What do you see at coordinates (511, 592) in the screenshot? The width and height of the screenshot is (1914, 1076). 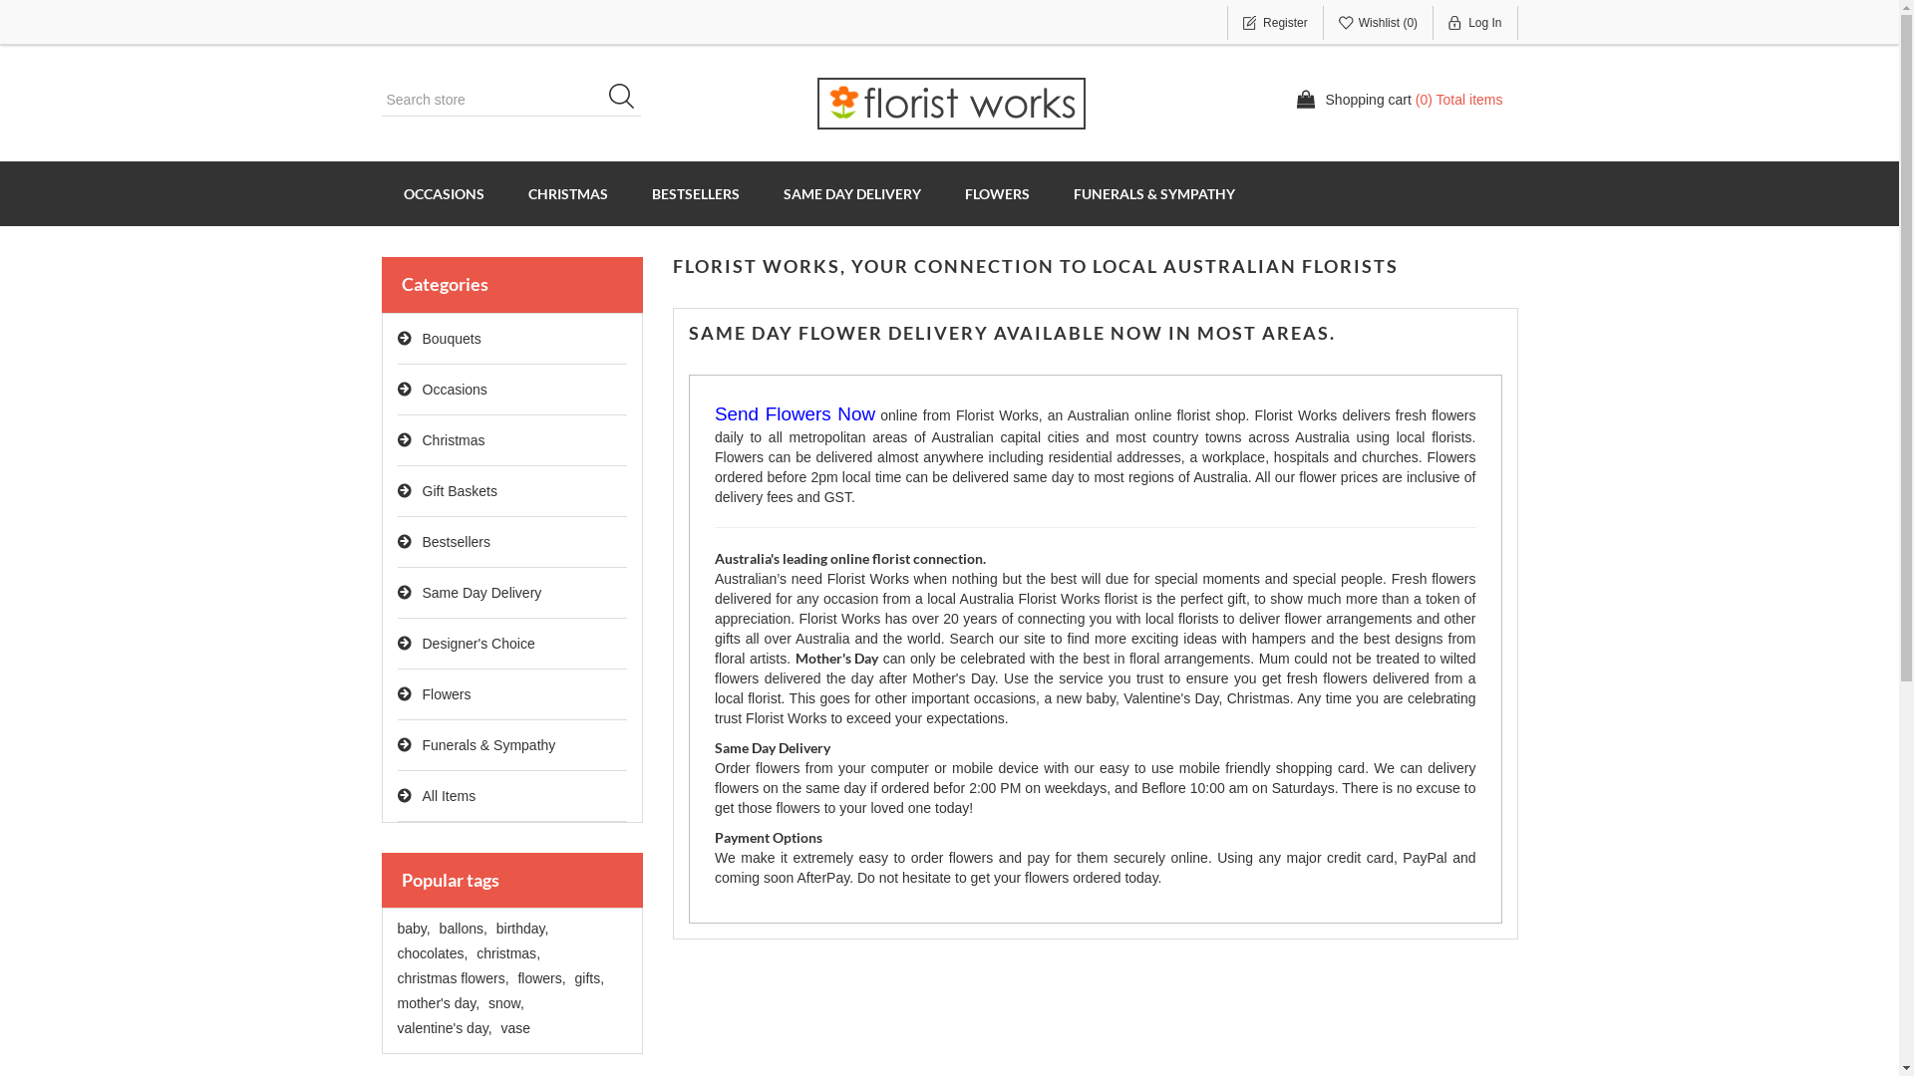 I see `'Same Day Delivery'` at bounding box center [511, 592].